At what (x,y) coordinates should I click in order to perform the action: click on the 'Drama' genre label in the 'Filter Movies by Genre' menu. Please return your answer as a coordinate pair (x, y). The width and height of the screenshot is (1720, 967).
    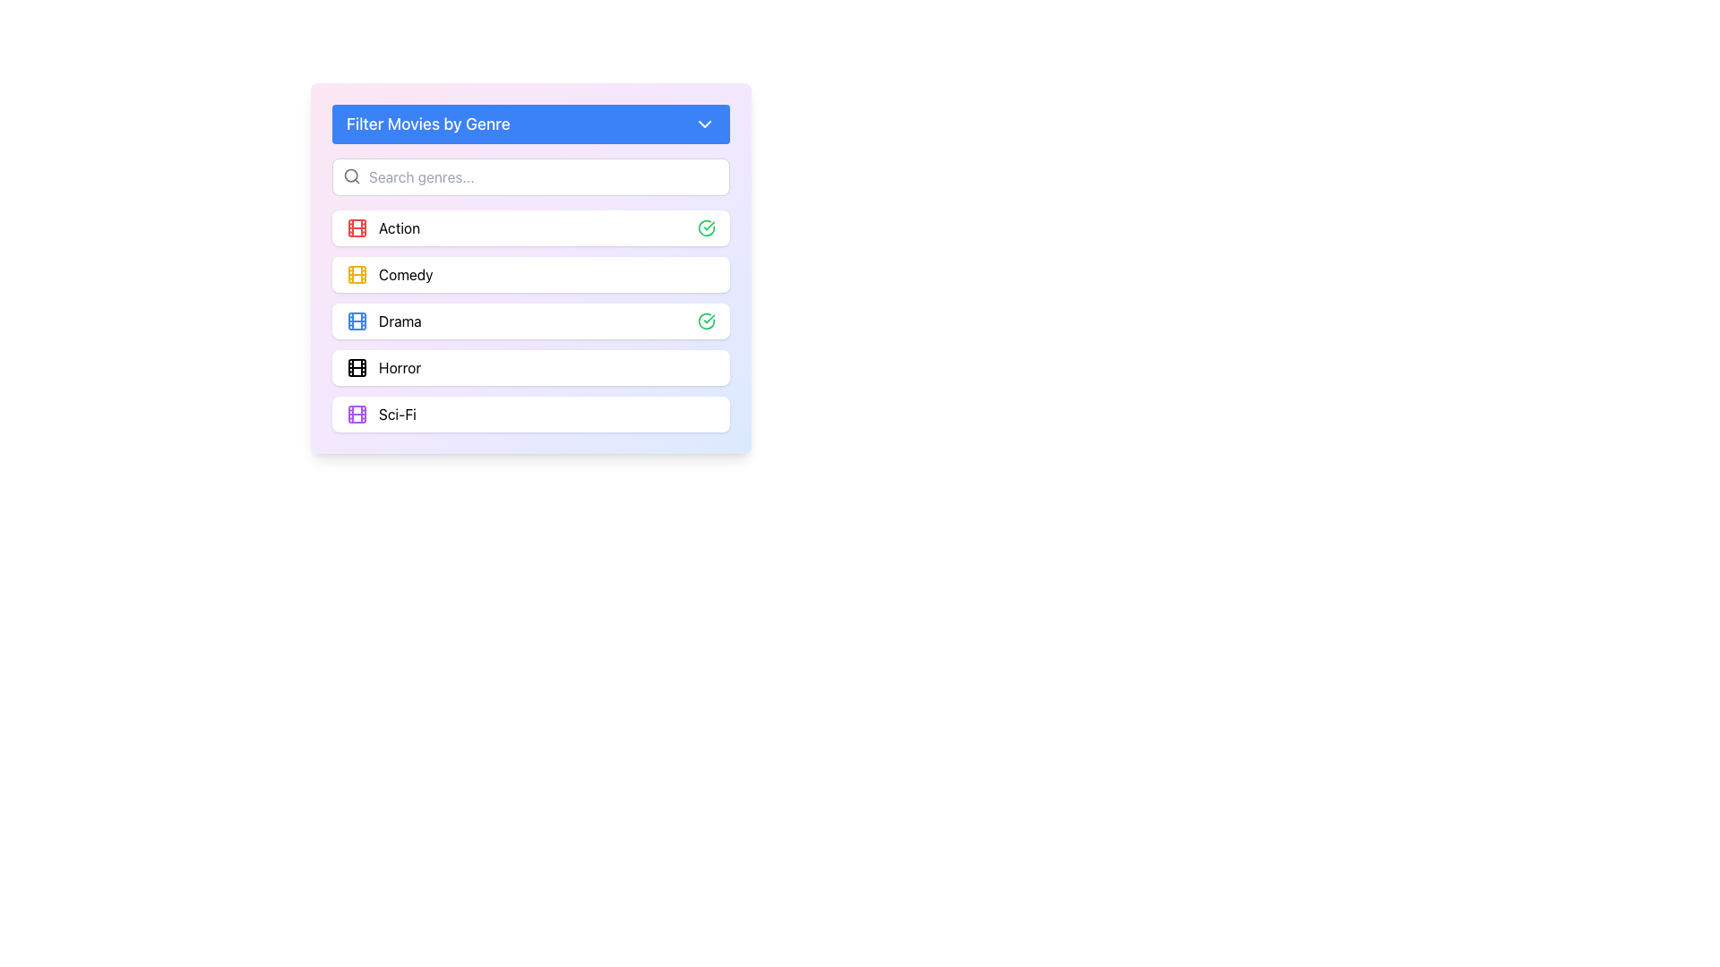
    Looking at the image, I should click on (399, 320).